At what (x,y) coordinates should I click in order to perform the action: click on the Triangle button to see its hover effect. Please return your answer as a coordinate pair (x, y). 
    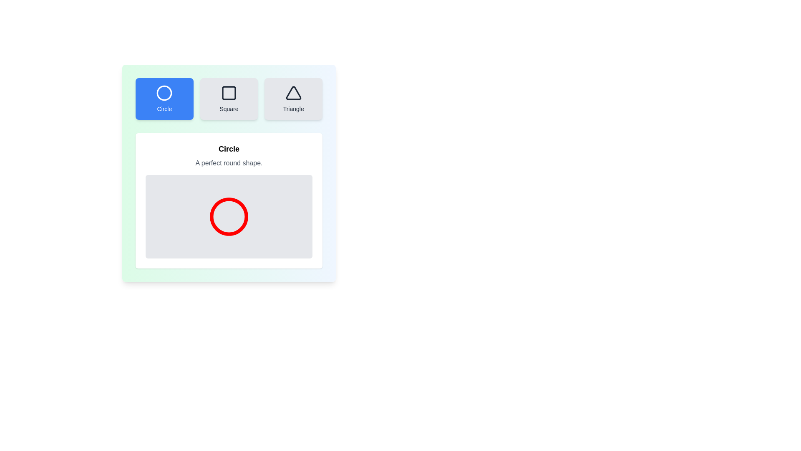
    Looking at the image, I should click on (293, 98).